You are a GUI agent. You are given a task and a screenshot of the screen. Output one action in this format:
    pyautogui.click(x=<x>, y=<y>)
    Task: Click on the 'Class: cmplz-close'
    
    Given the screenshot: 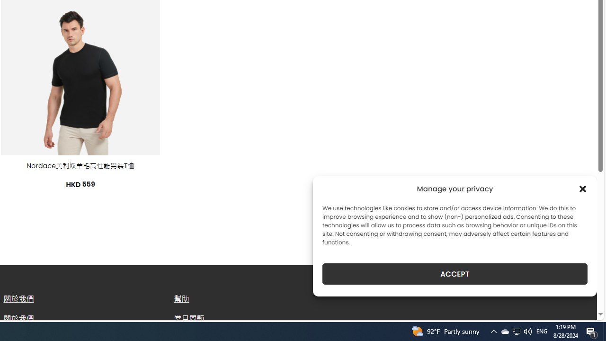 What is the action you would take?
    pyautogui.click(x=582, y=188)
    